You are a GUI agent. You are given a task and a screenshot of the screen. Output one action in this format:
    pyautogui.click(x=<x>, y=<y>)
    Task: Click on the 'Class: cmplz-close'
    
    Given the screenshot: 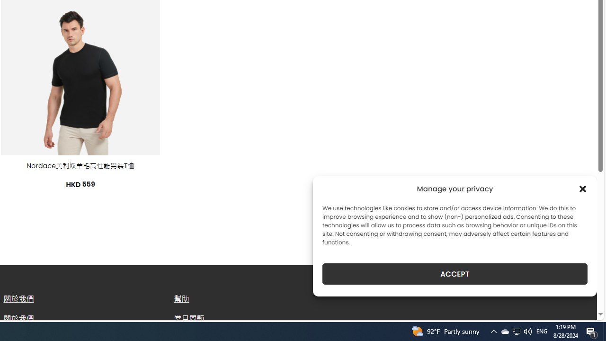 What is the action you would take?
    pyautogui.click(x=582, y=188)
    